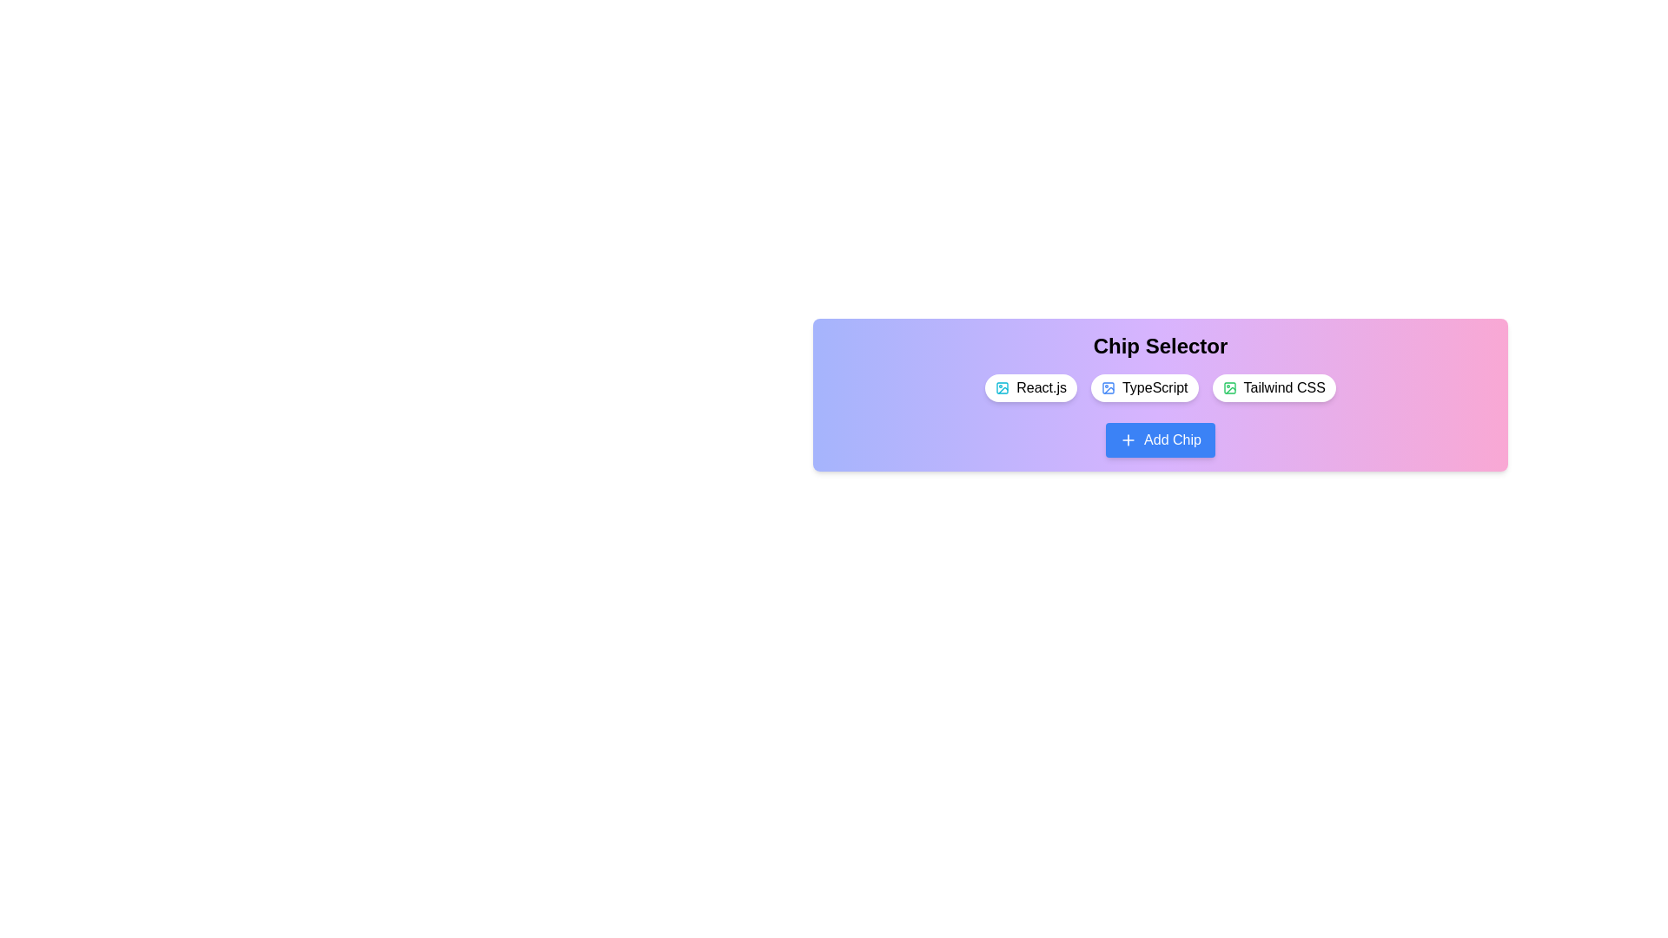 The height and width of the screenshot is (938, 1668). I want to click on the leftmost text-based selectable chip, so click(1042, 387).